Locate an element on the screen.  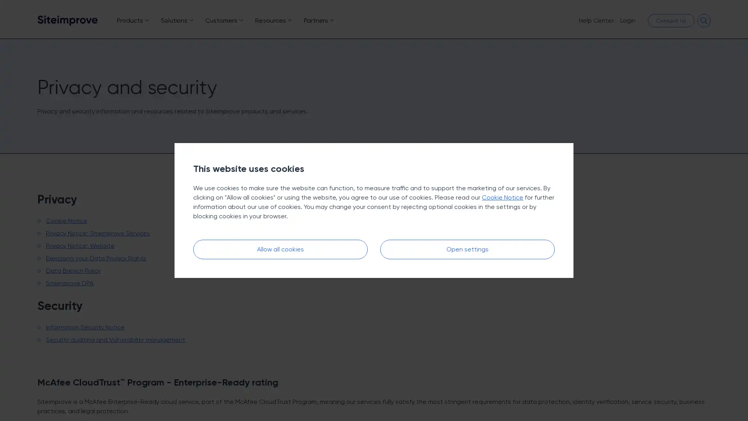
Resources is located at coordinates (273, 19).